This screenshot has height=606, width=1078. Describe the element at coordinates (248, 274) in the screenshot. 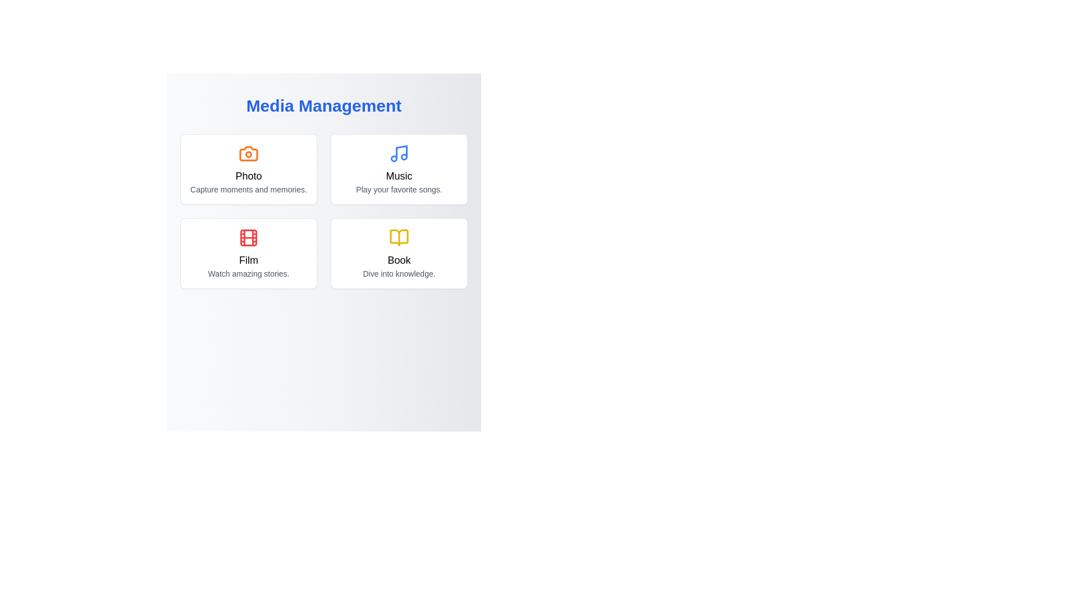

I see `the descriptive text label for the 'Film' section, which is positioned directly below the title 'Film' and centrally aligned with the film icon above` at that location.